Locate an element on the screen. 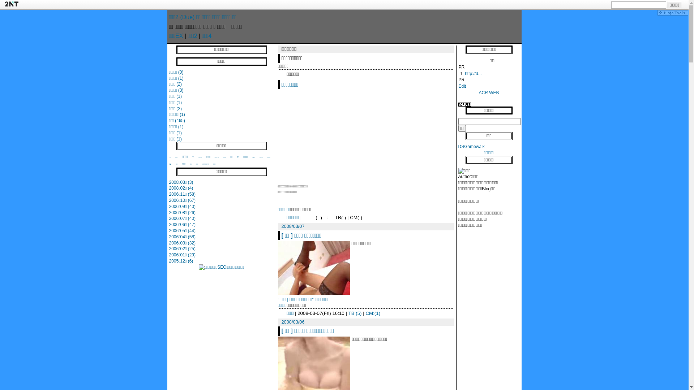 The height and width of the screenshot is (390, 694). 'DSGamewalk' is located at coordinates (471, 146).